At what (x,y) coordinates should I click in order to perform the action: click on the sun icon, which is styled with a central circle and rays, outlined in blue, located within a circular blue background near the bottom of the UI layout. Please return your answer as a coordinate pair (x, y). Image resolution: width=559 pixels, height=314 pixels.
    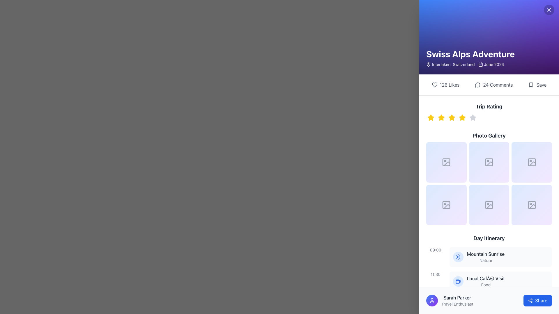
    Looking at the image, I should click on (458, 256).